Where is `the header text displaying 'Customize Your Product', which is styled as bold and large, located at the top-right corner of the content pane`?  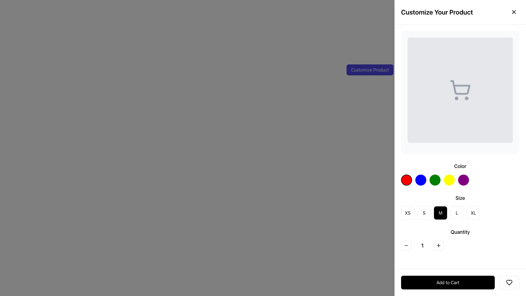
the header text displaying 'Customize Your Product', which is styled as bold and large, located at the top-right corner of the content pane is located at coordinates (437, 12).